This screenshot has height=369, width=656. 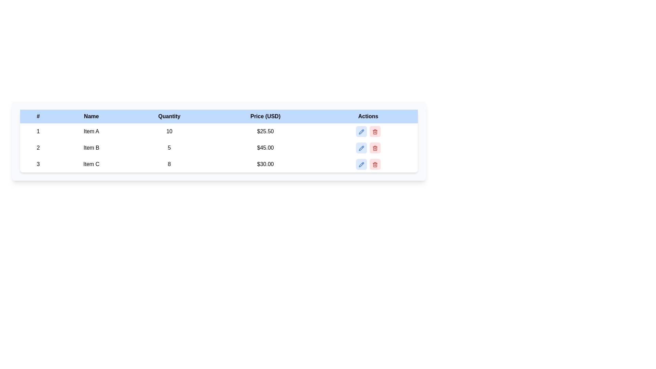 I want to click on the blue rectangular button with a white pencil icon in the 'Actions' column of the second row of the table to initiate an edit action, so click(x=368, y=147).